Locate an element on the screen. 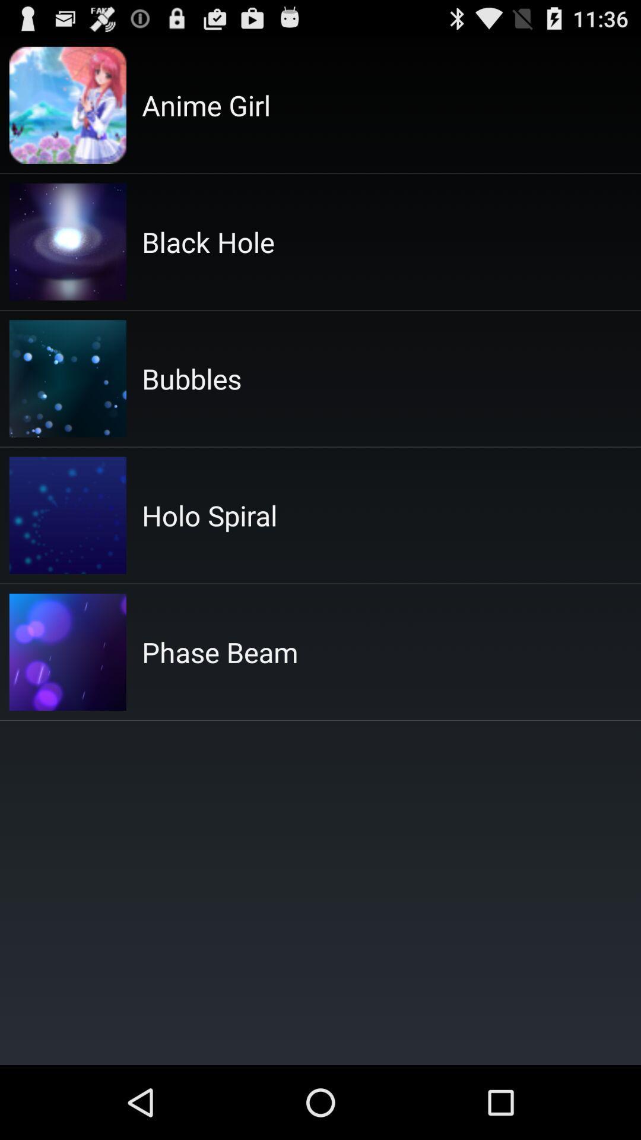 The image size is (641, 1140). app above the holo spiral app is located at coordinates (191, 378).